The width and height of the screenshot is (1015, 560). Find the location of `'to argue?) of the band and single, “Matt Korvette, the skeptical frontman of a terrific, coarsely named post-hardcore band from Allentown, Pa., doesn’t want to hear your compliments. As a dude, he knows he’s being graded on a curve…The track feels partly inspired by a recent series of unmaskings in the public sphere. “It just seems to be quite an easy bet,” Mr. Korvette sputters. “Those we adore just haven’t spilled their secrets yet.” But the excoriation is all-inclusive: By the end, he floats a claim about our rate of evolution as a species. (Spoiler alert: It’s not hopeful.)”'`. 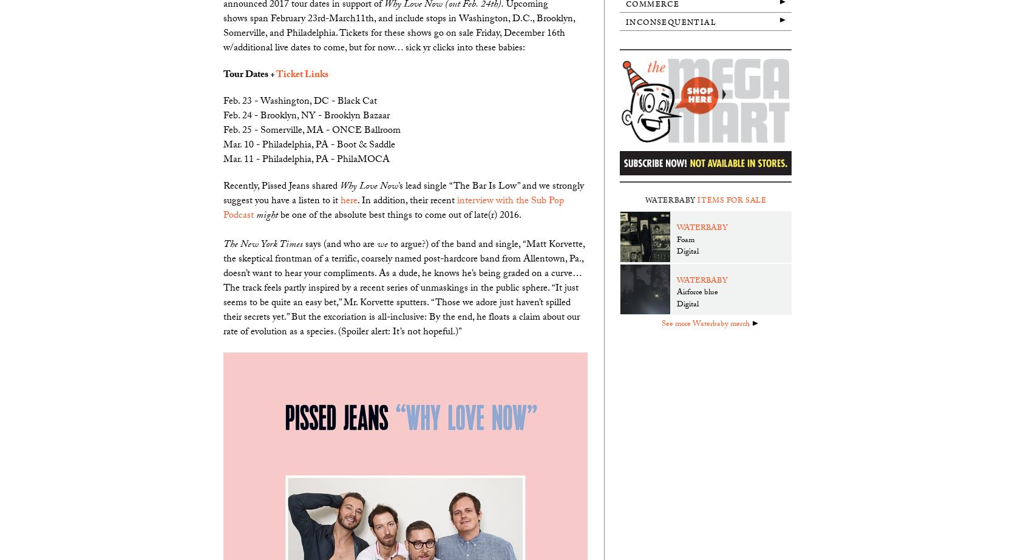

'to argue?) of the band and single, “Matt Korvette, the skeptical frontman of a terrific, coarsely named post-hardcore band from Allentown, Pa., doesn’t want to hear your compliments. As a dude, he knows he’s being graded on a curve…The track feels partly inspired by a recent series of unmaskings in the public sphere. “It just seems to be quite an easy bet,” Mr. Korvette sputters. “Those we adore just haven’t spilled their secrets yet.” But the excoriation is all-inclusive: By the end, he floats a claim about our rate of evolution as a species. (Spoiler alert: It’s not hopeful.)”' is located at coordinates (404, 288).